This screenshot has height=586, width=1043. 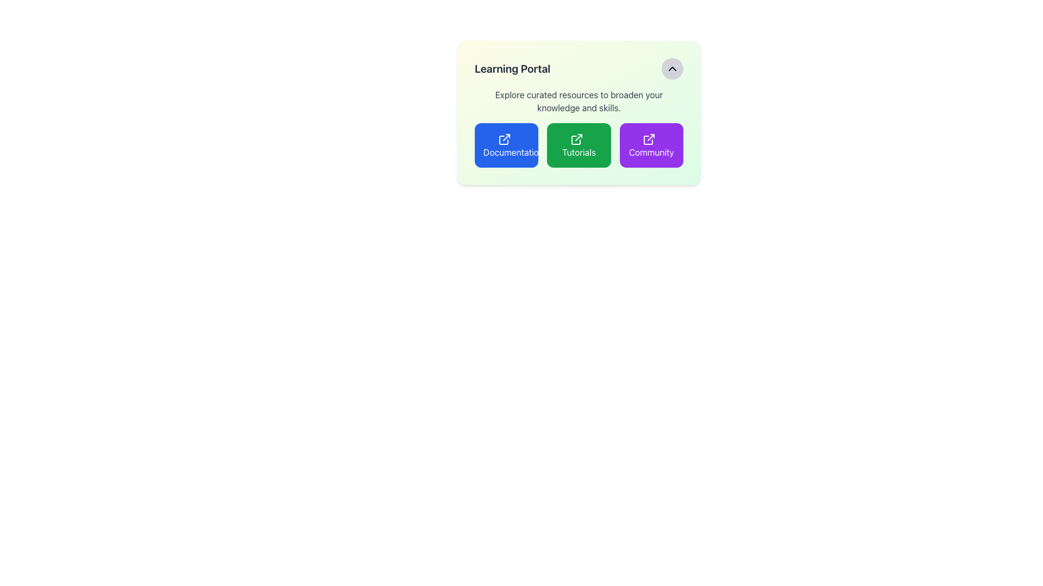 What do you see at coordinates (506, 144) in the screenshot?
I see `the first button in the 'Learning Portal' labeled as a hyperlink to observe a color change` at bounding box center [506, 144].